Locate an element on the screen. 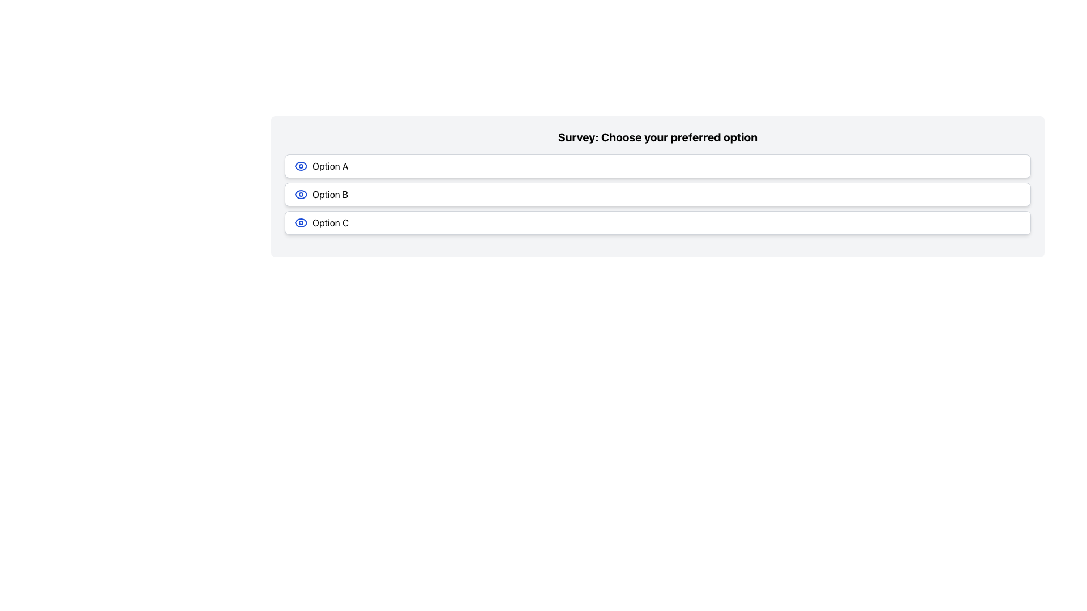 This screenshot has height=611, width=1087. text content of the label displaying 'Option C', which is located prominently in the lower third of the option group, to the right of a blue eye icon is located at coordinates (330, 222).